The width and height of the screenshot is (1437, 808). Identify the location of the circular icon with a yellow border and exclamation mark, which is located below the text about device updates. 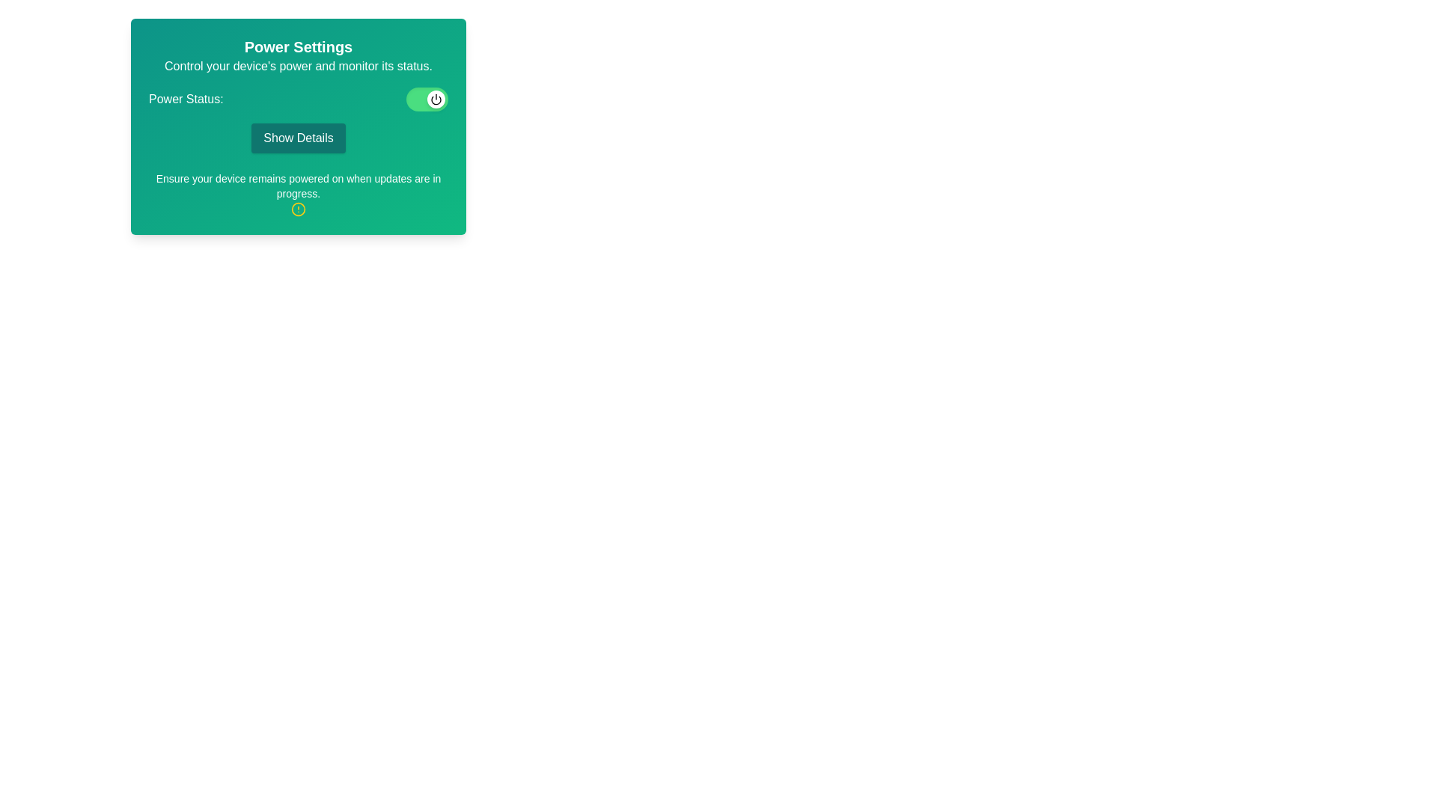
(298, 209).